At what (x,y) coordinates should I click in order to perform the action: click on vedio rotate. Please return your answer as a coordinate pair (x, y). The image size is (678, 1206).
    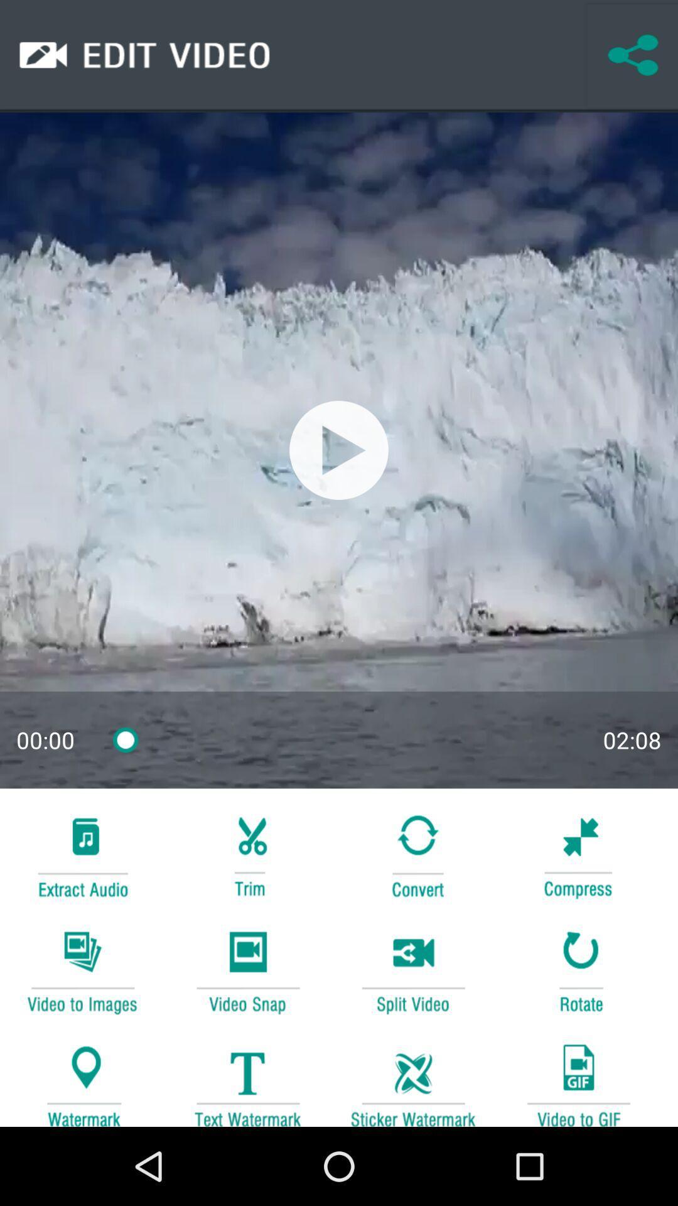
    Looking at the image, I should click on (578, 970).